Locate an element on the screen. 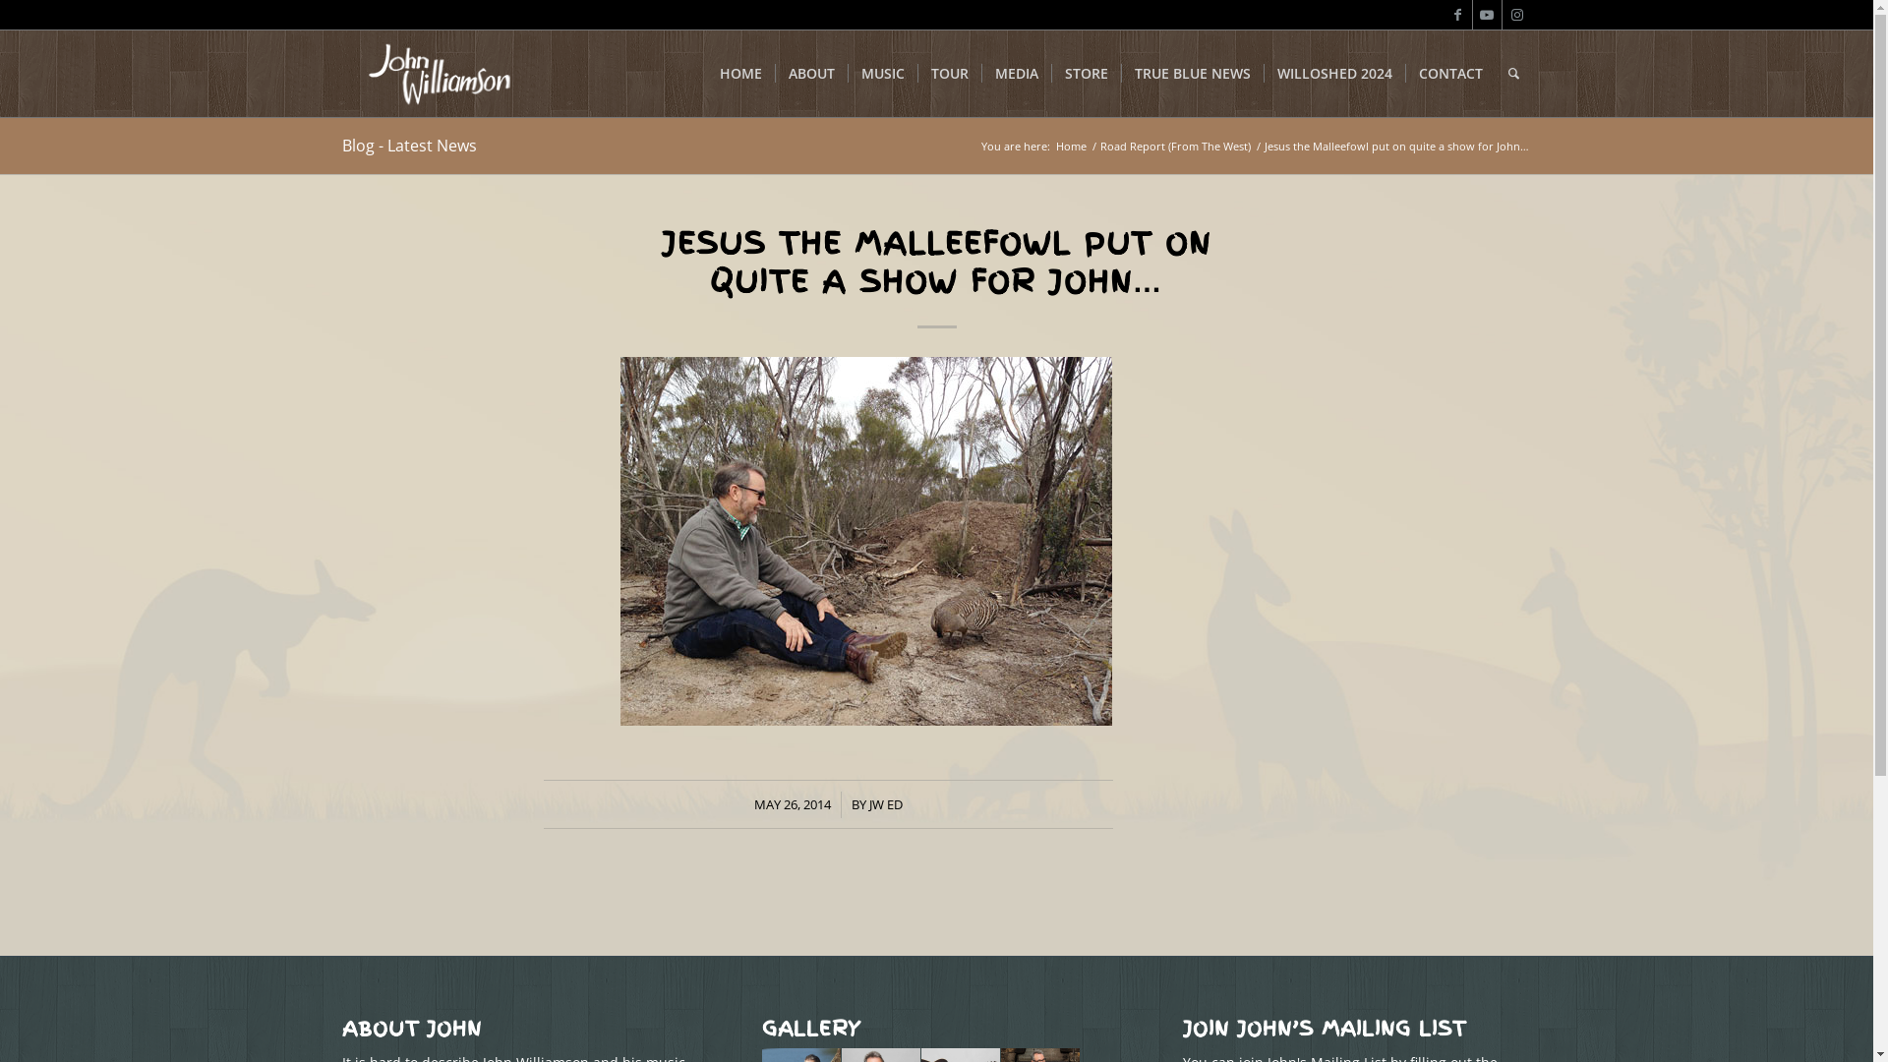  'WILLOSHED 2024' is located at coordinates (1333, 72).